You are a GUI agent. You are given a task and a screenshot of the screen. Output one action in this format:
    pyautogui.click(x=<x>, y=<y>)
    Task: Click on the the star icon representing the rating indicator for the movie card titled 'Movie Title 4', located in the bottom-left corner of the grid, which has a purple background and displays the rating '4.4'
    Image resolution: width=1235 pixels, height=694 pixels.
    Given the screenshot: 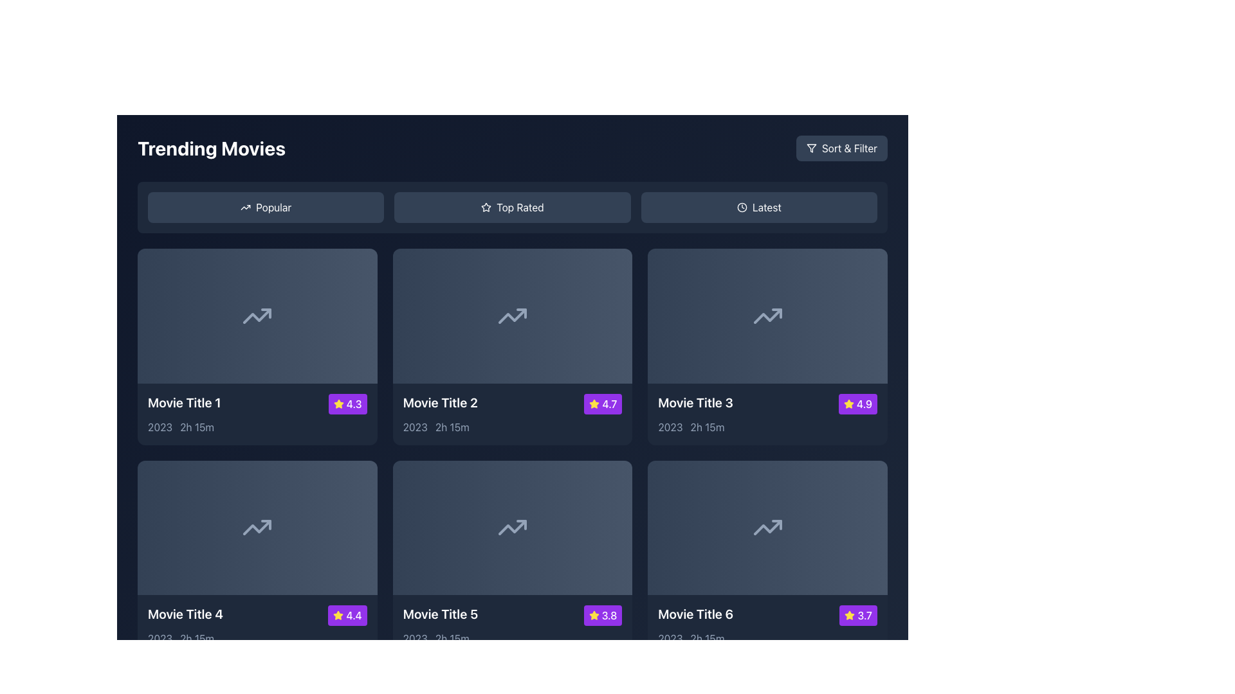 What is the action you would take?
    pyautogui.click(x=338, y=615)
    